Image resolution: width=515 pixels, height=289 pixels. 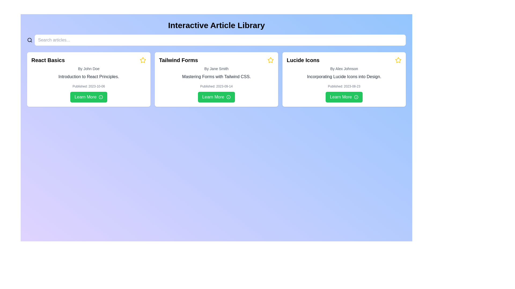 I want to click on the favorite marker icon located in the top-right corner of the second card, near the text 'Tailwind Forms', to mark or unmark the card as a favorite, so click(x=270, y=60).